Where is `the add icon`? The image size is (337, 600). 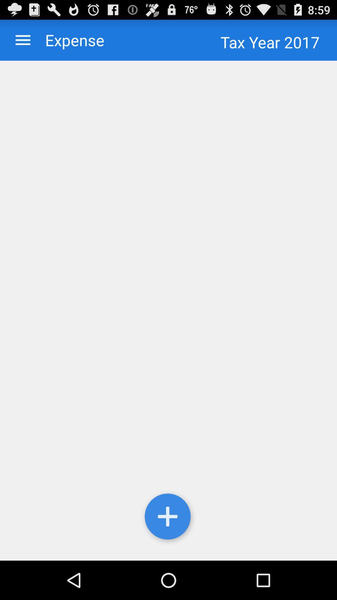
the add icon is located at coordinates (168, 554).